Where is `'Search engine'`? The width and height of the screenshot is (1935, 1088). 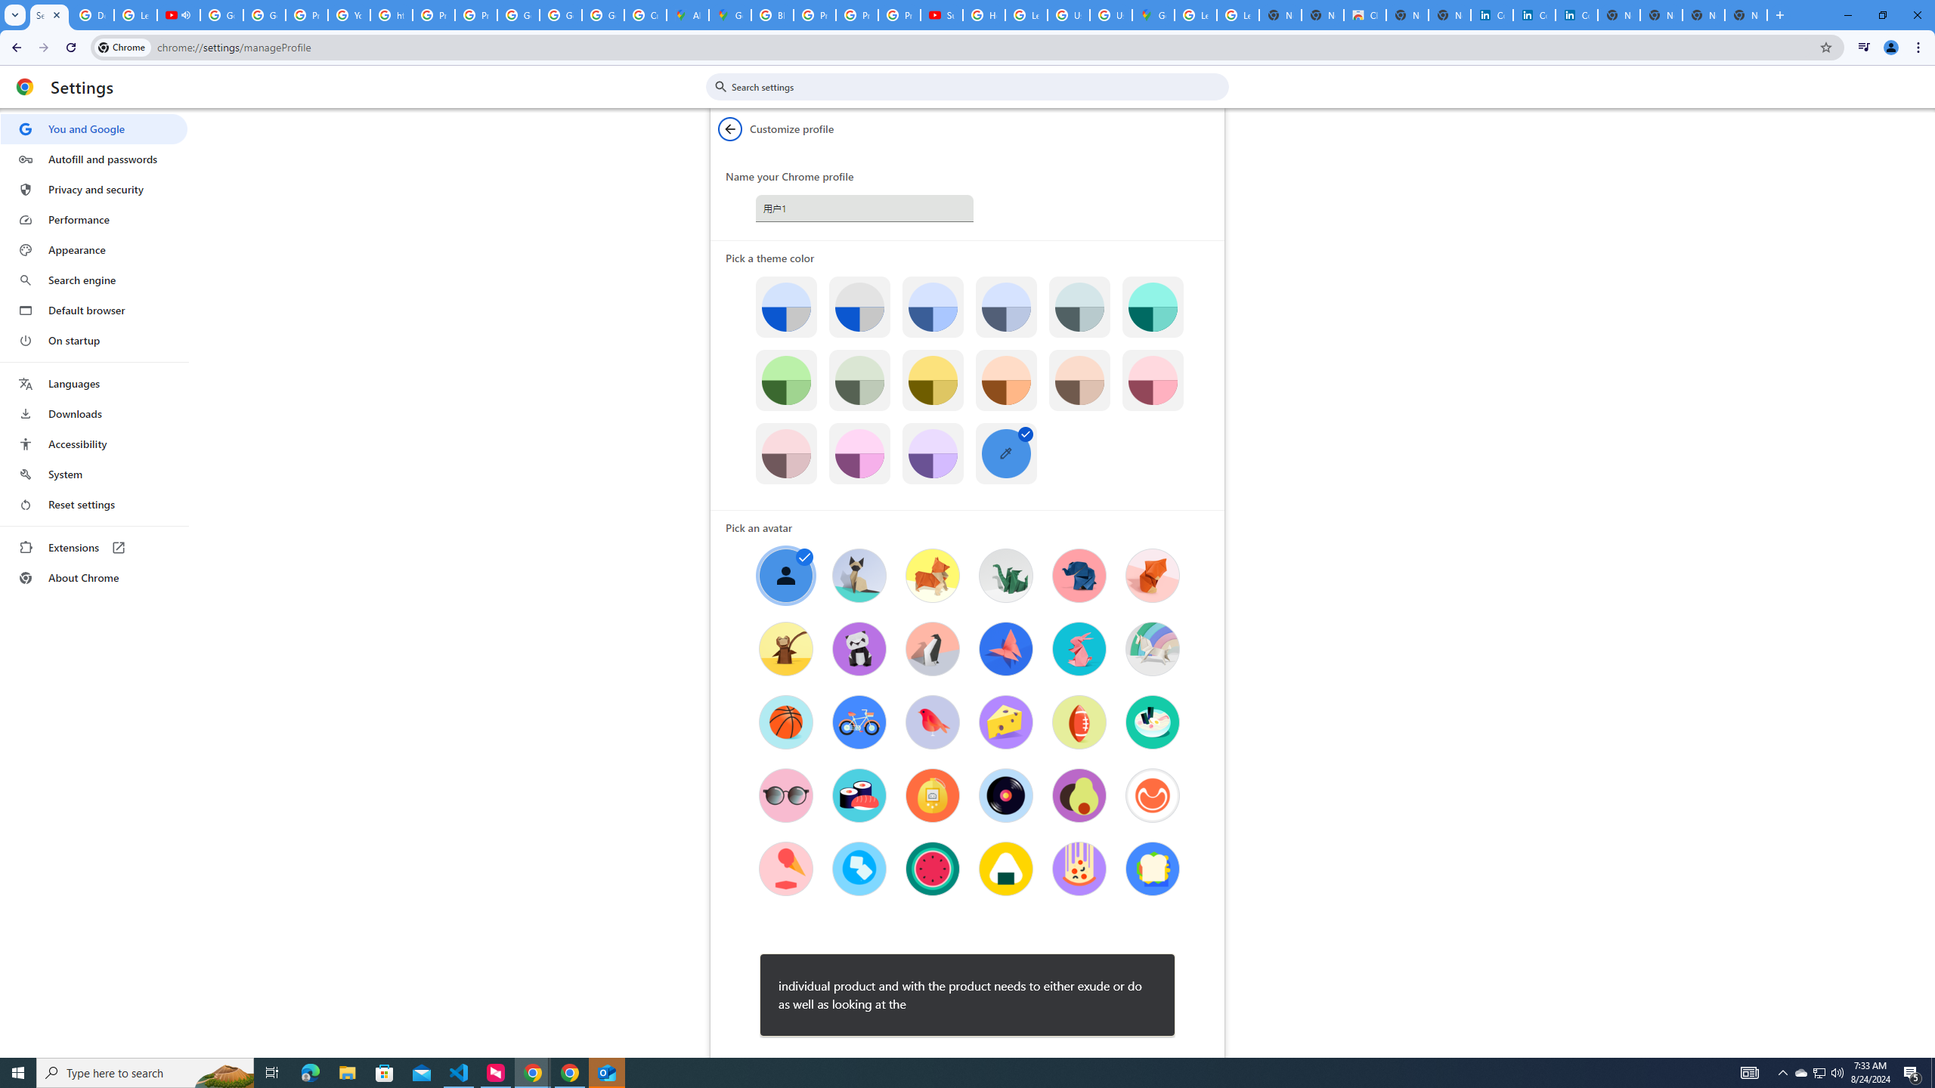 'Search engine' is located at coordinates (93, 280).